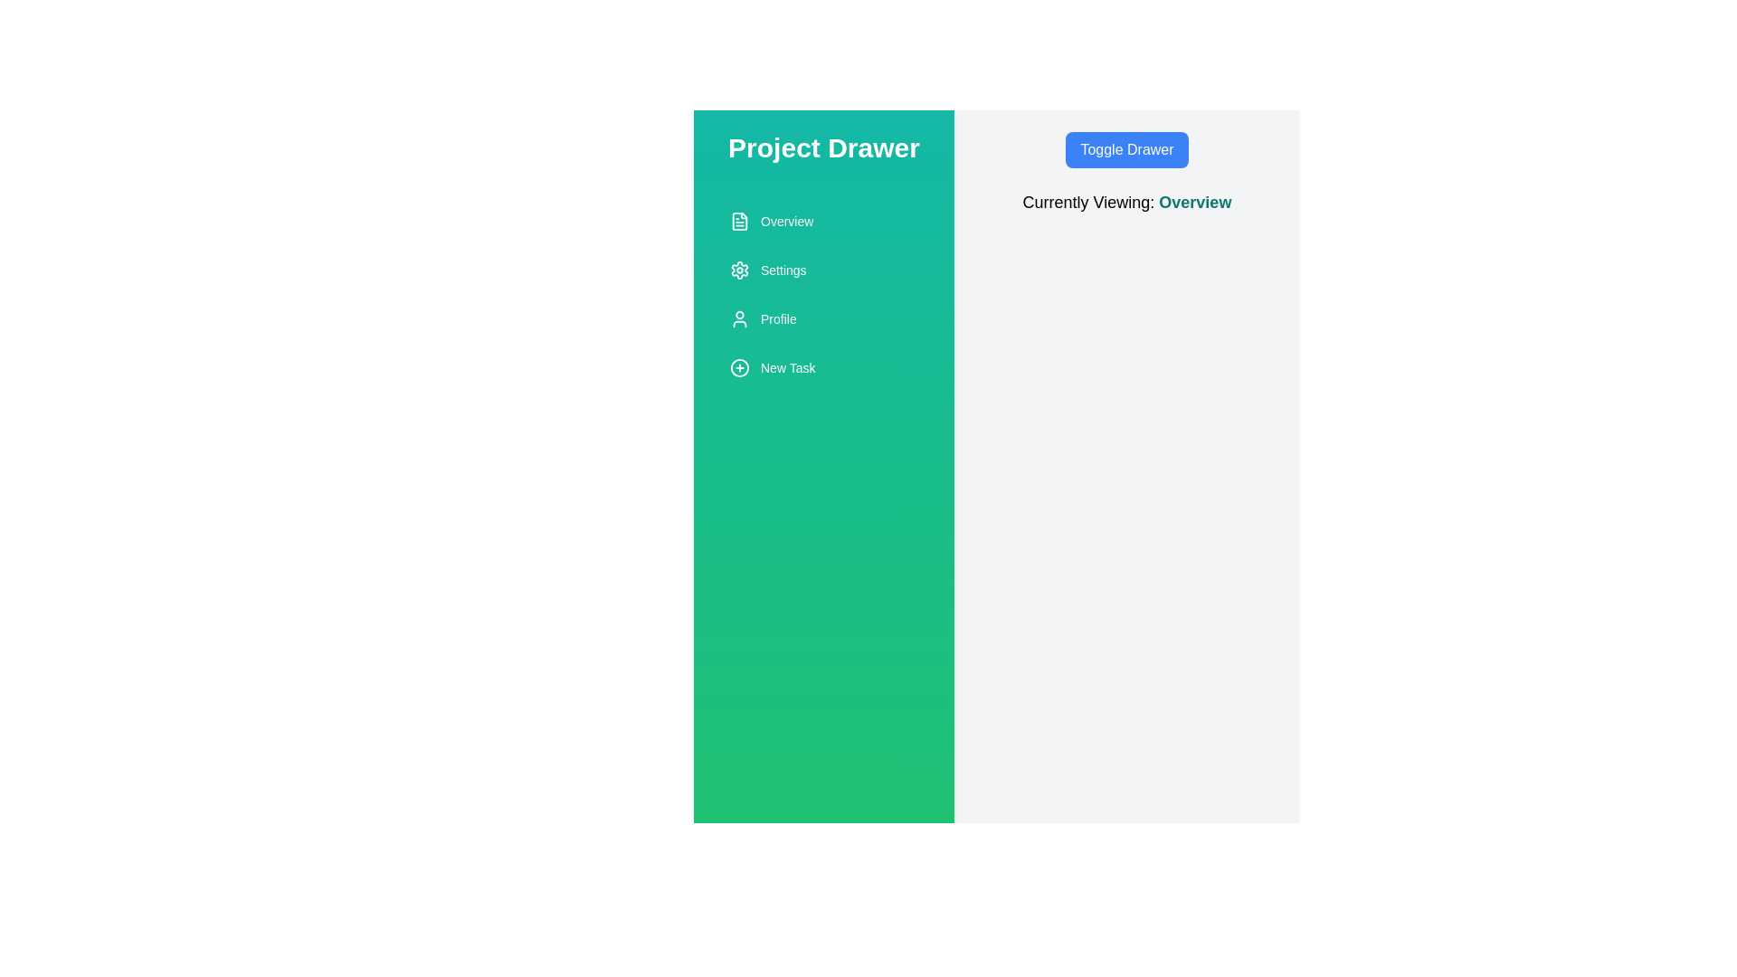 Image resolution: width=1737 pixels, height=977 pixels. Describe the element at coordinates (823, 270) in the screenshot. I see `the menu item labeled Settings to switch to the corresponding section` at that location.